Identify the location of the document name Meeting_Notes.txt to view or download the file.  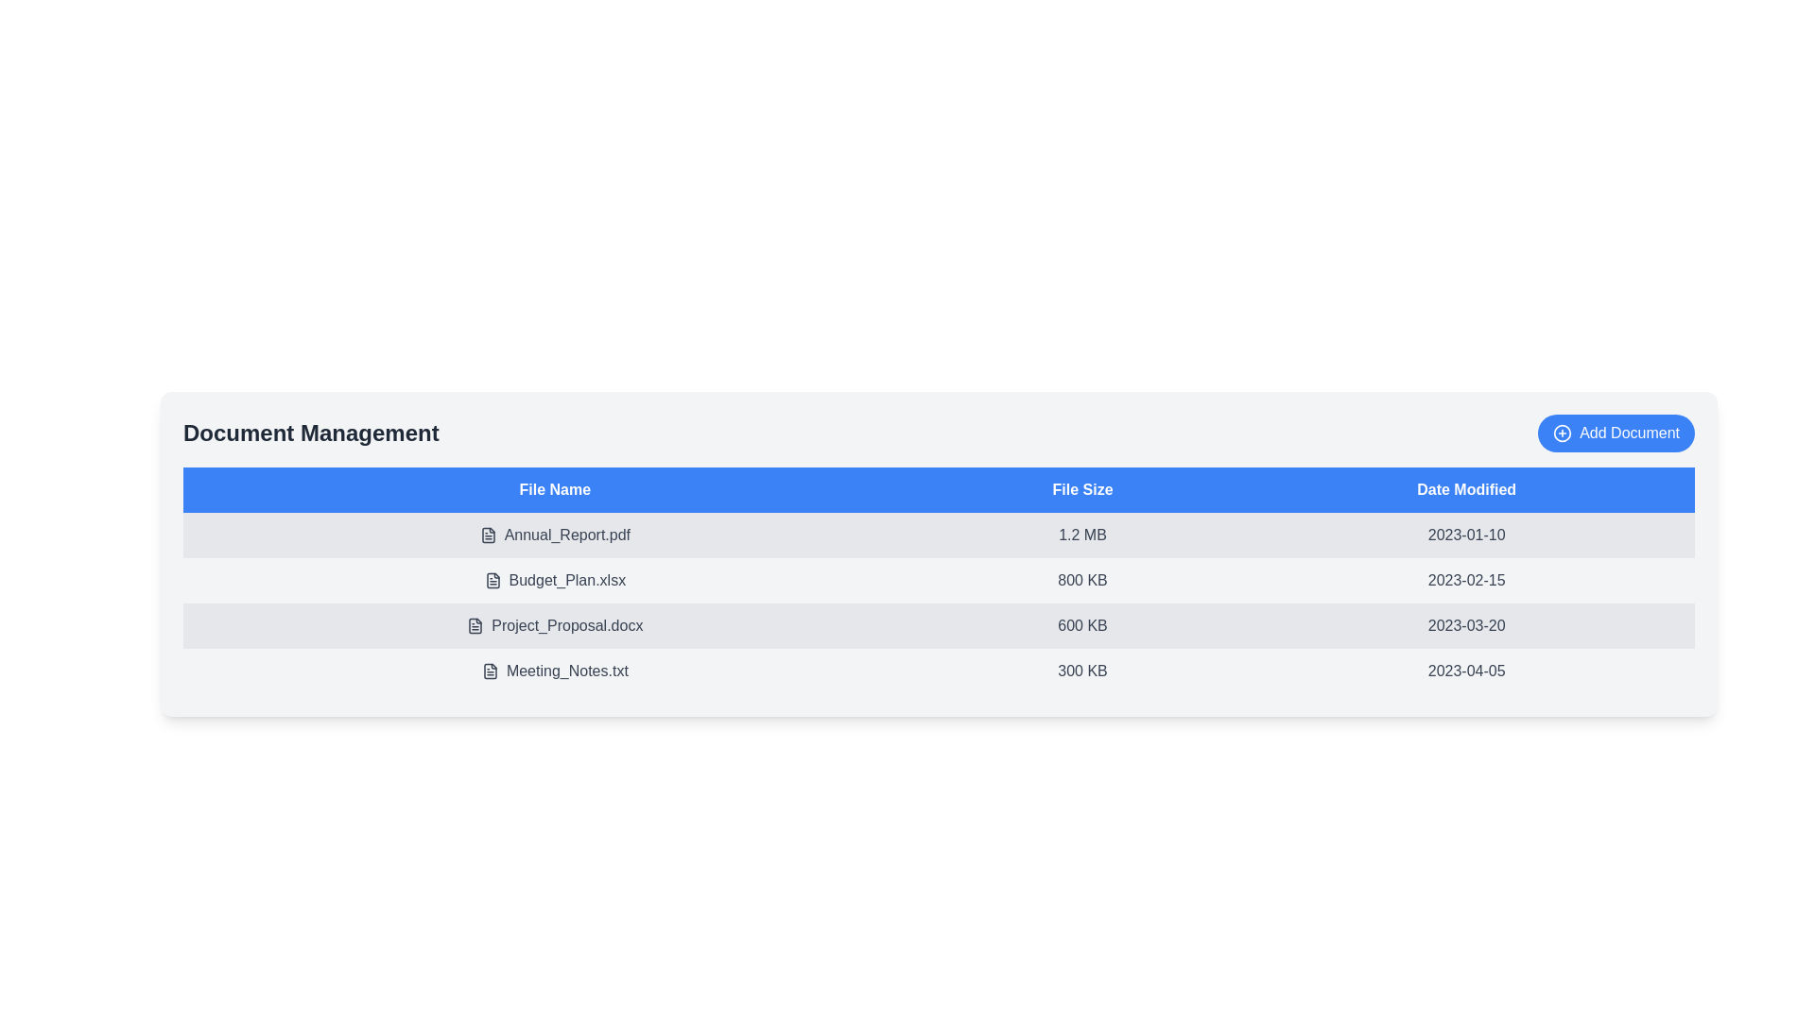
(554, 670).